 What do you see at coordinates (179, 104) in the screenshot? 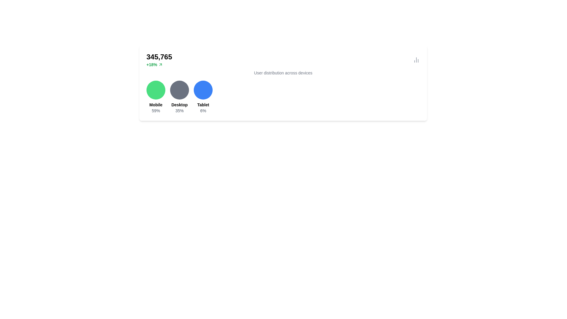
I see `text label displaying 'Desktop', which is bold and positioned between an icon above and a percentage value below in the UI` at bounding box center [179, 104].